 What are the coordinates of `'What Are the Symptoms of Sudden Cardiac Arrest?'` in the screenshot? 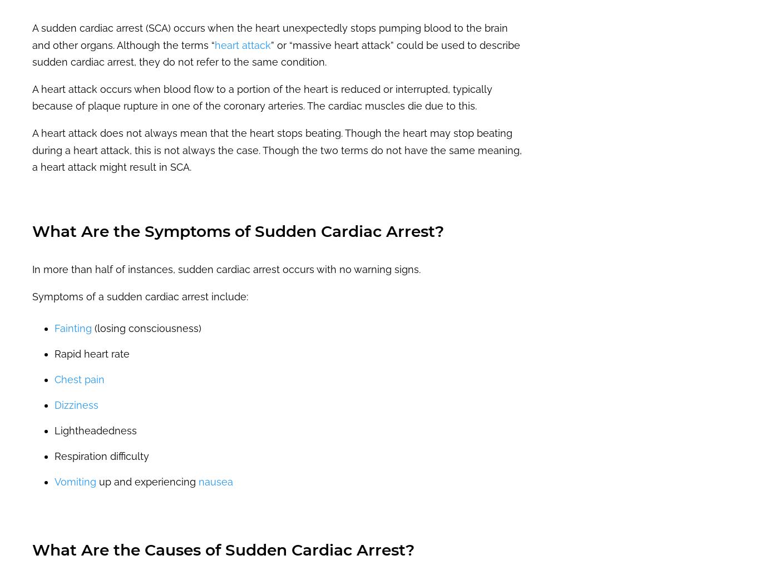 It's located at (237, 231).